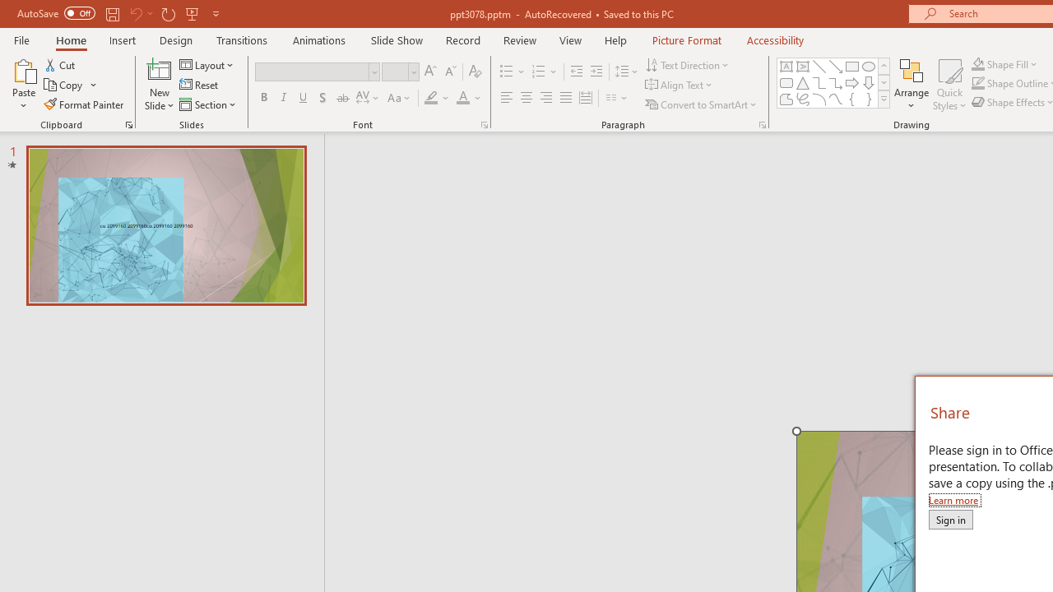  Describe the element at coordinates (954, 499) in the screenshot. I see `'Learn more'` at that location.